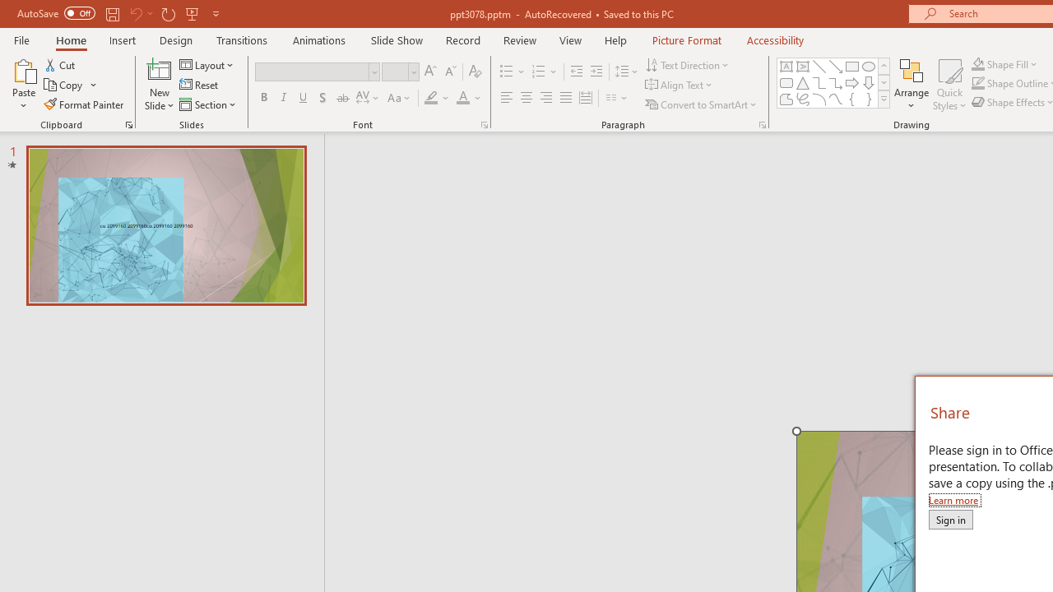  Describe the element at coordinates (954, 499) in the screenshot. I see `'Learn more'` at that location.